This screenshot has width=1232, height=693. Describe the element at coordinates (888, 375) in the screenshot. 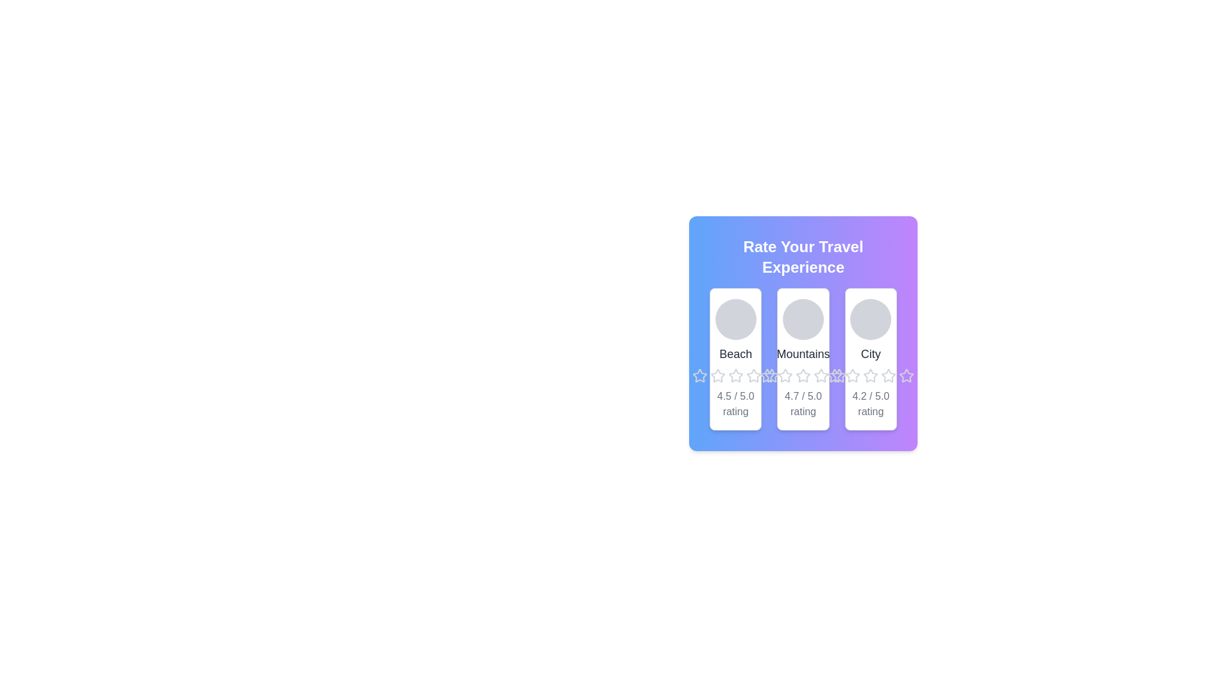

I see `the fifth star-shaped interactive rating icon in the 'City' section` at that location.